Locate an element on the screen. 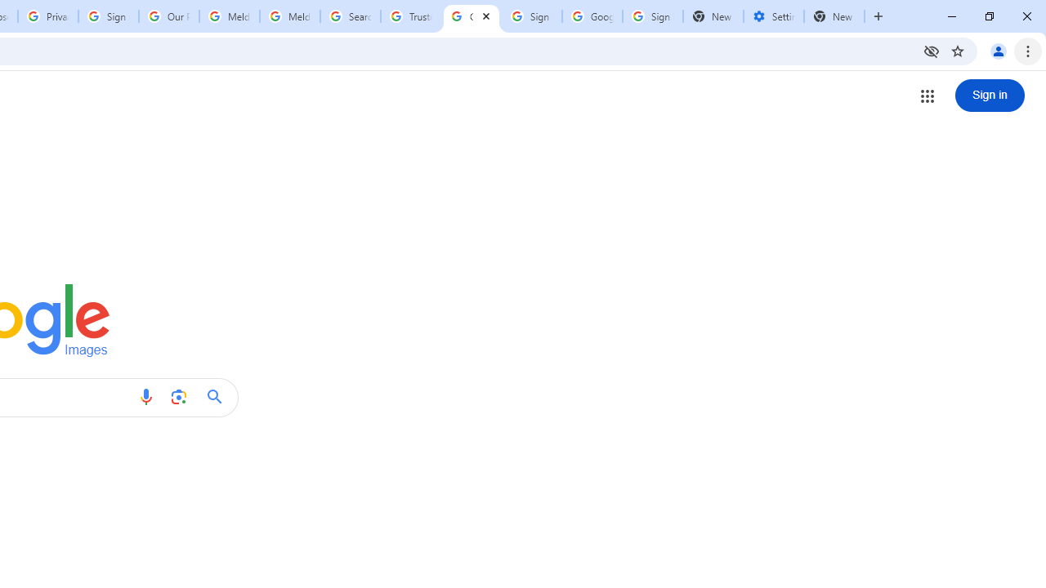  'Google apps' is located at coordinates (927, 96).